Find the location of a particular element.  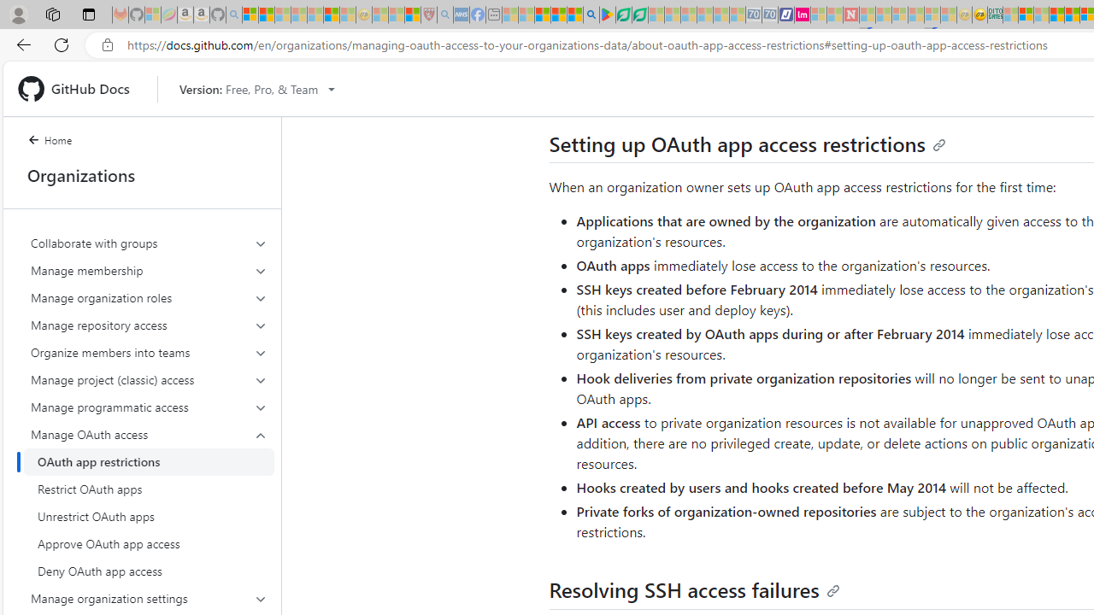

'Manage programmatic access' is located at coordinates (149, 407).